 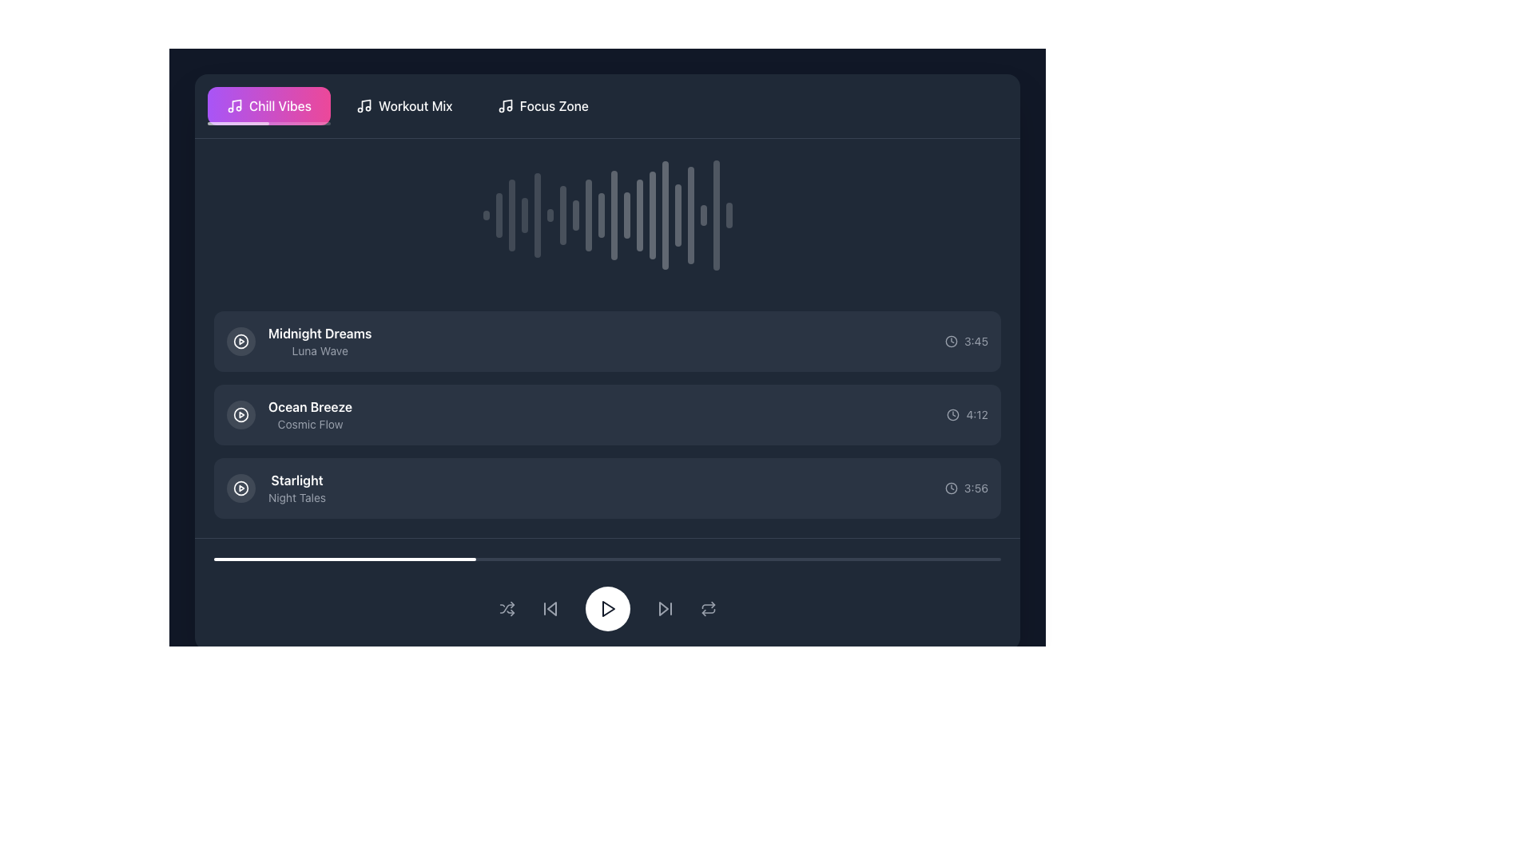 I want to click on the circular button with a white background and a black play icon to trigger hover effects, so click(x=606, y=609).